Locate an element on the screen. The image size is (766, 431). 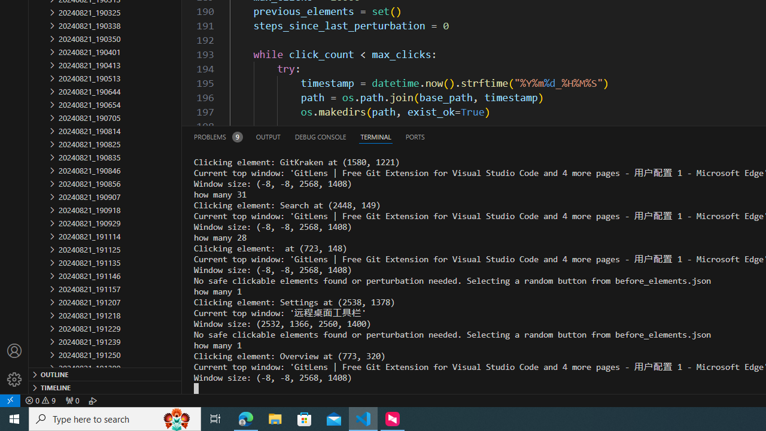
'Problems (Ctrl+Shift+M) - Total 9 Problems' is located at coordinates (218, 136).